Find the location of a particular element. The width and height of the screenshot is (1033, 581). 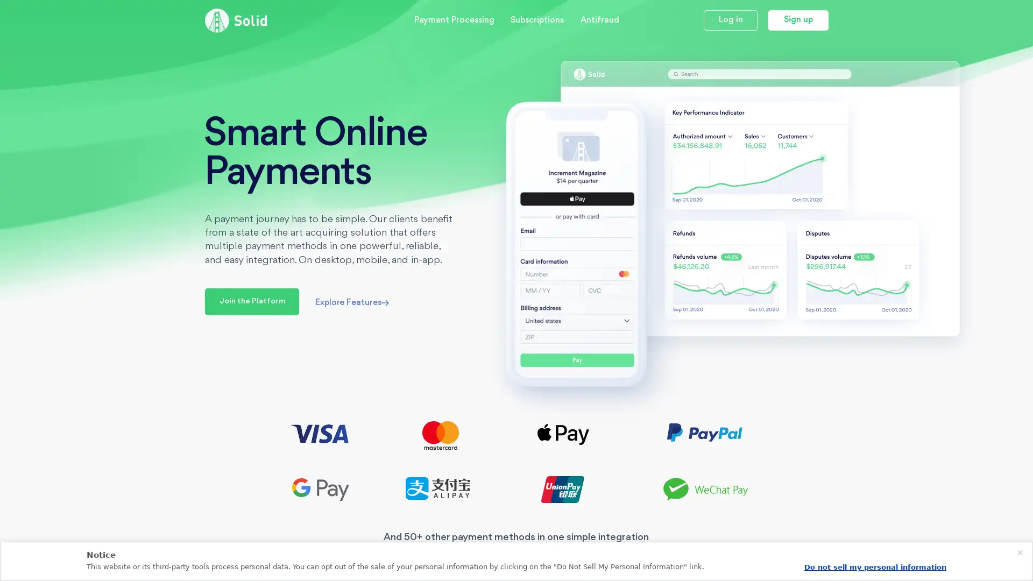

consent-close-icon is located at coordinates (1020, 553).